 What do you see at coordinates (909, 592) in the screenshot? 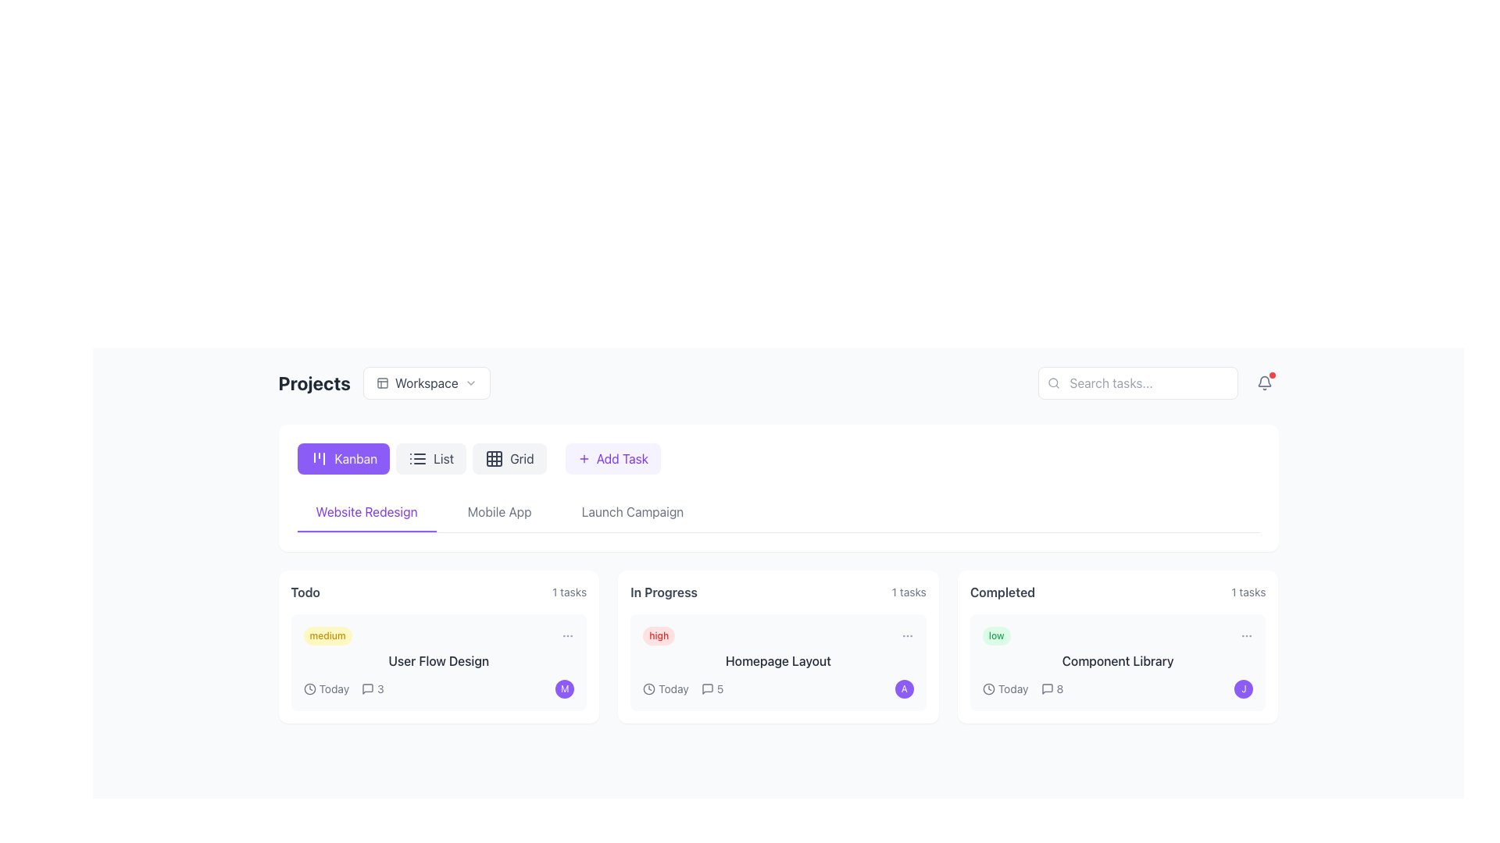
I see `the Text Label displaying '1 tasks' located at the top-right corner of the 'In Progress' card section` at bounding box center [909, 592].